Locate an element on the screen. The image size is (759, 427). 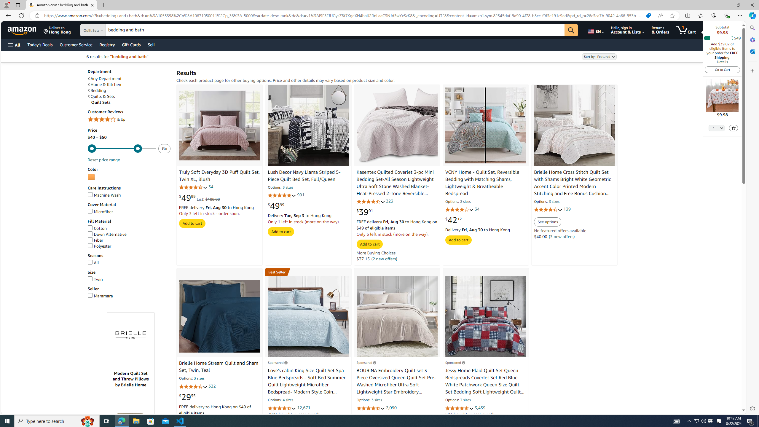
'Polyester' is located at coordinates (129, 246).